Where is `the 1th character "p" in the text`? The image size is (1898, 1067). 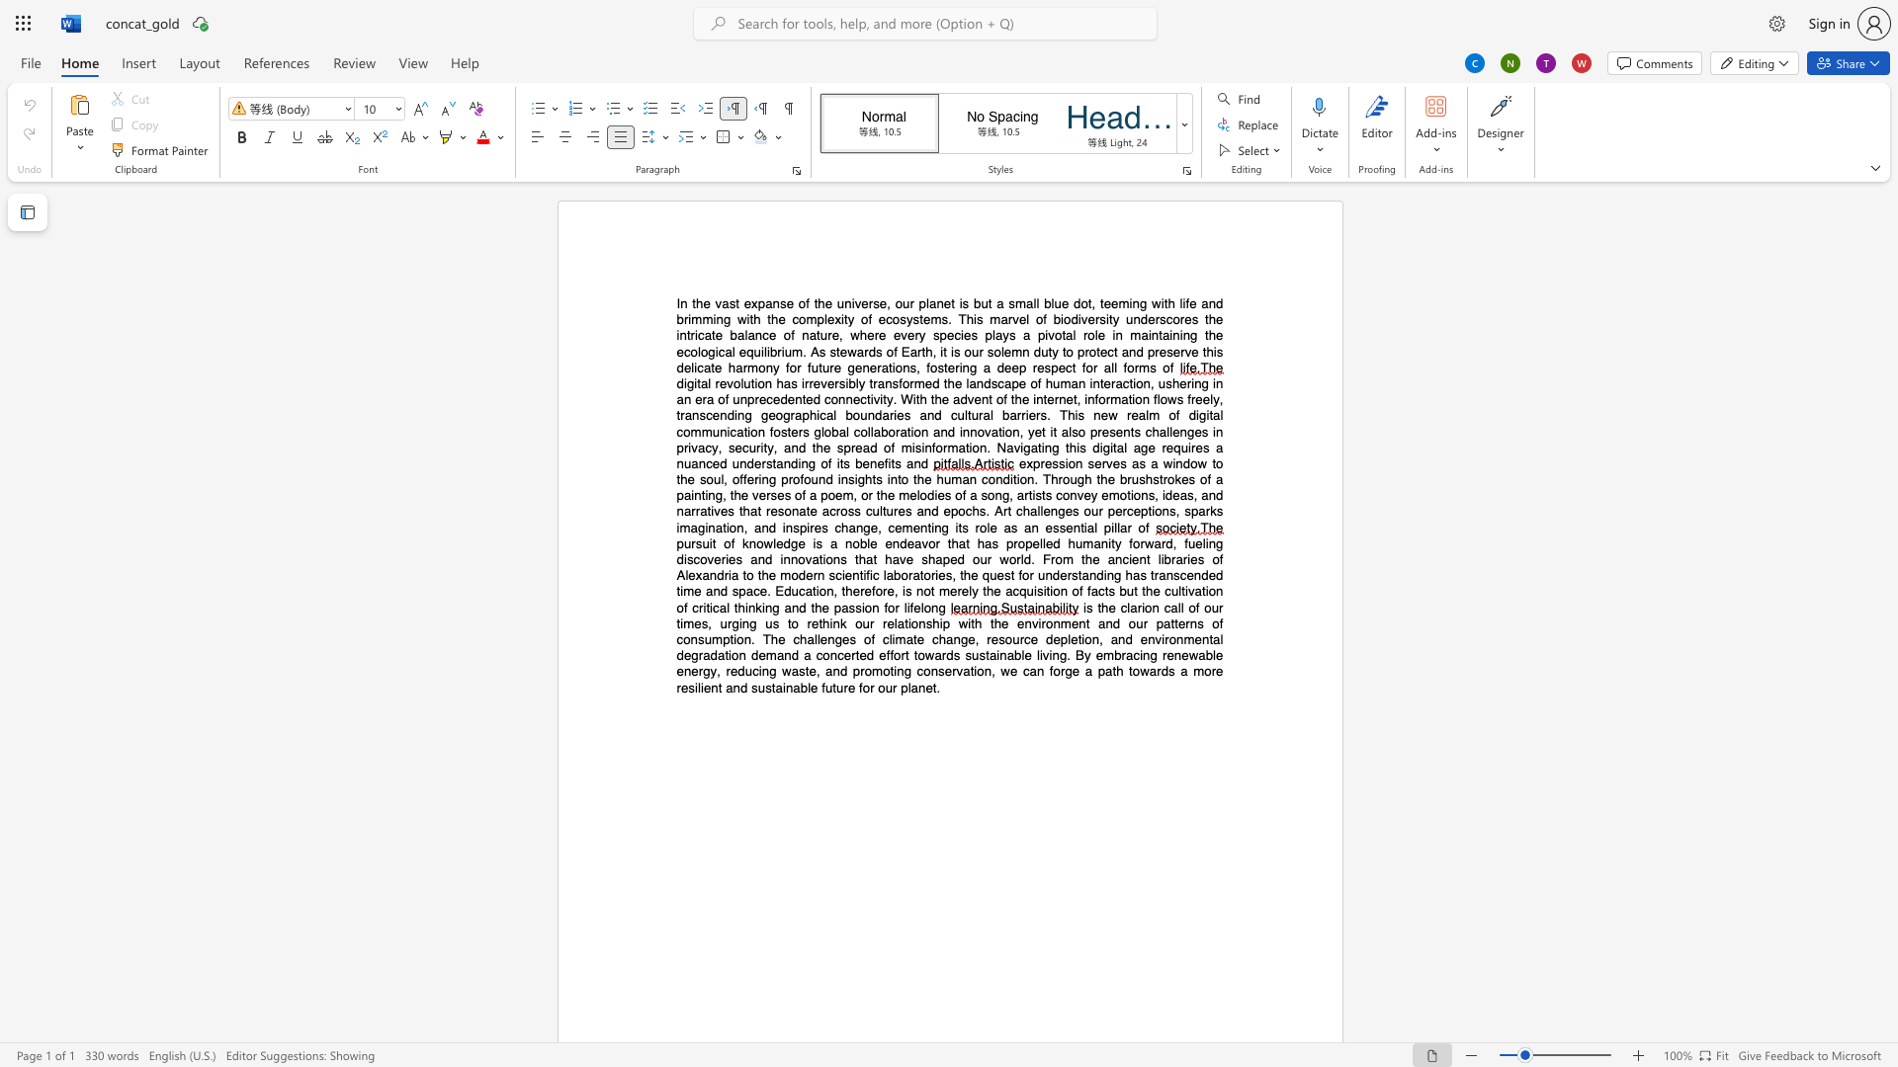 the 1th character "p" in the text is located at coordinates (1111, 510).